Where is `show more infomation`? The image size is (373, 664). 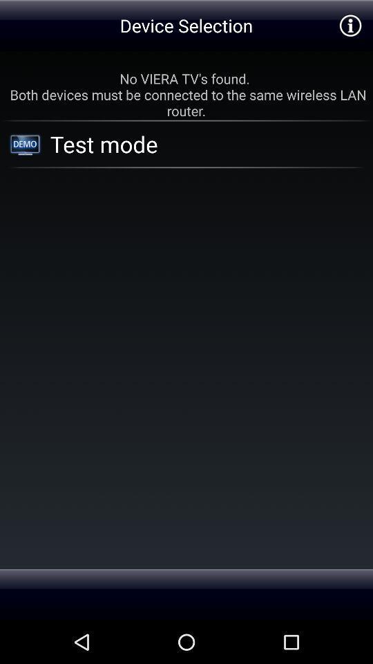 show more infomation is located at coordinates (350, 24).